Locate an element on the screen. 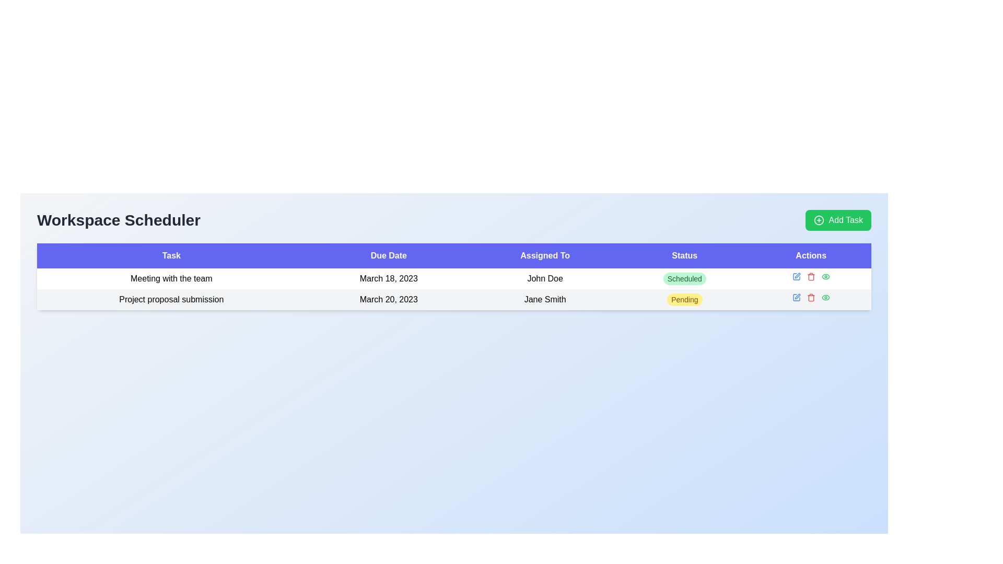 Image resolution: width=1003 pixels, height=564 pixels. the interactive edit icon in the Actions column of the second row in the 'Workspace Scheduler' table for keyboard interaction is located at coordinates (796, 298).